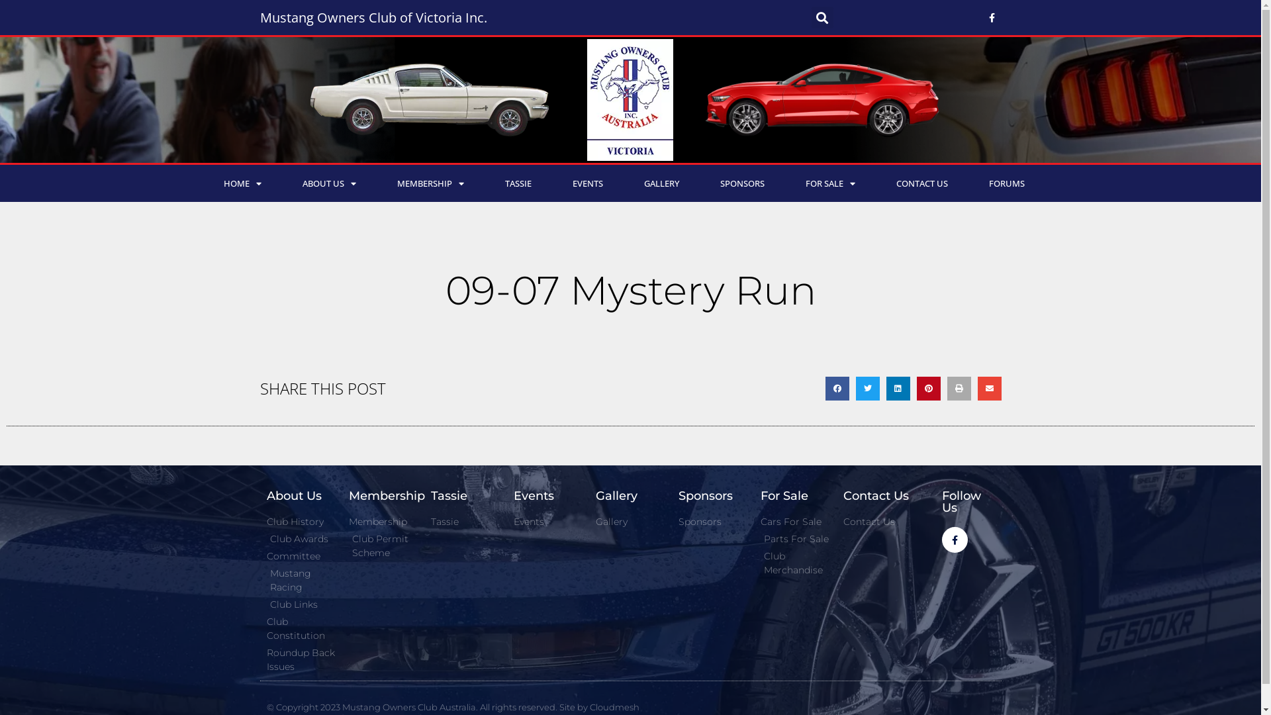 The image size is (1271, 715). I want to click on 'ABOUT US', so click(329, 183).